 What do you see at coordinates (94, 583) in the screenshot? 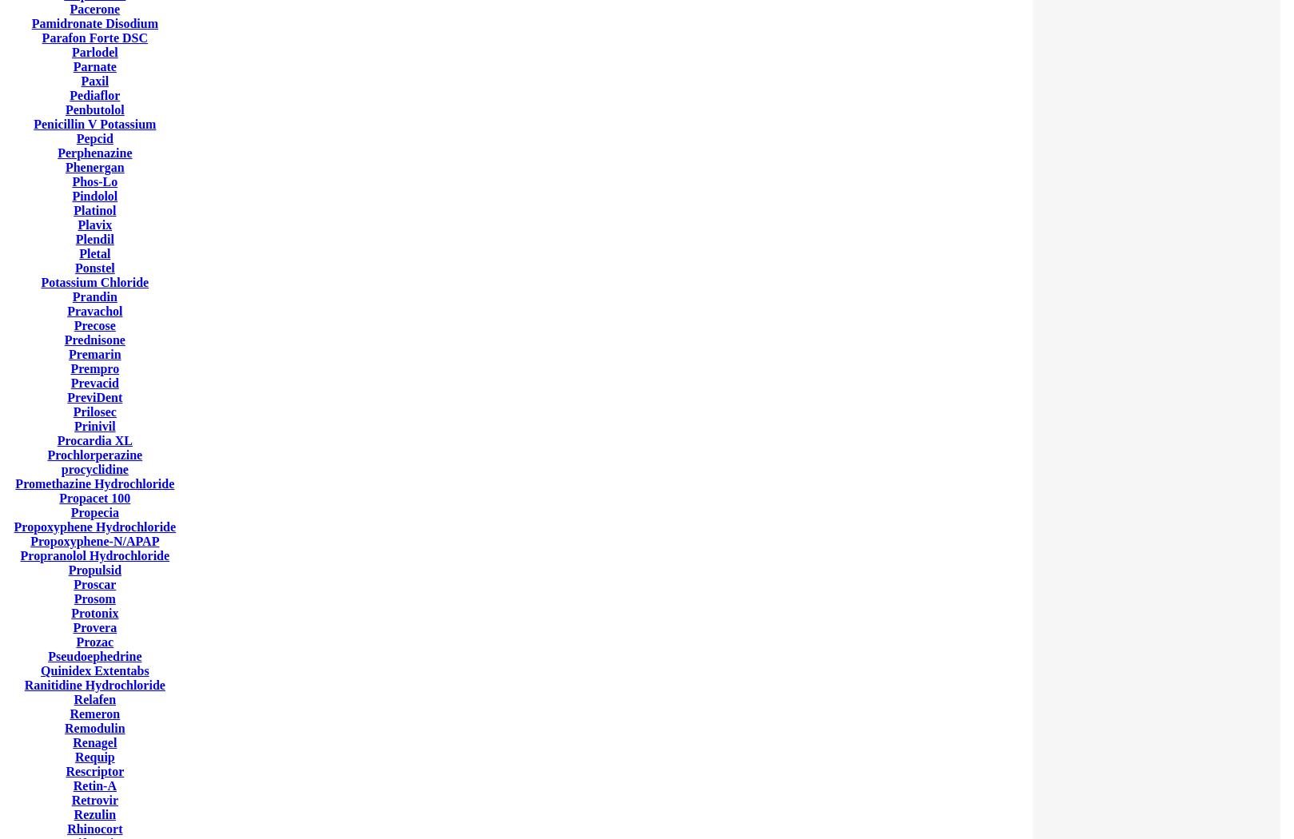
I see `'Proscar'` at bounding box center [94, 583].